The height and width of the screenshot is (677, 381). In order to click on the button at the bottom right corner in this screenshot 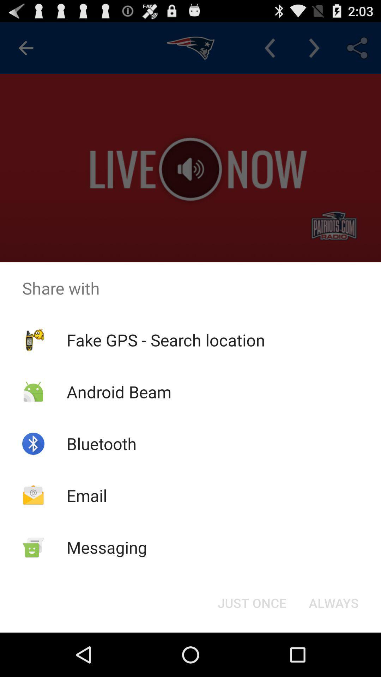, I will do `click(333, 602)`.